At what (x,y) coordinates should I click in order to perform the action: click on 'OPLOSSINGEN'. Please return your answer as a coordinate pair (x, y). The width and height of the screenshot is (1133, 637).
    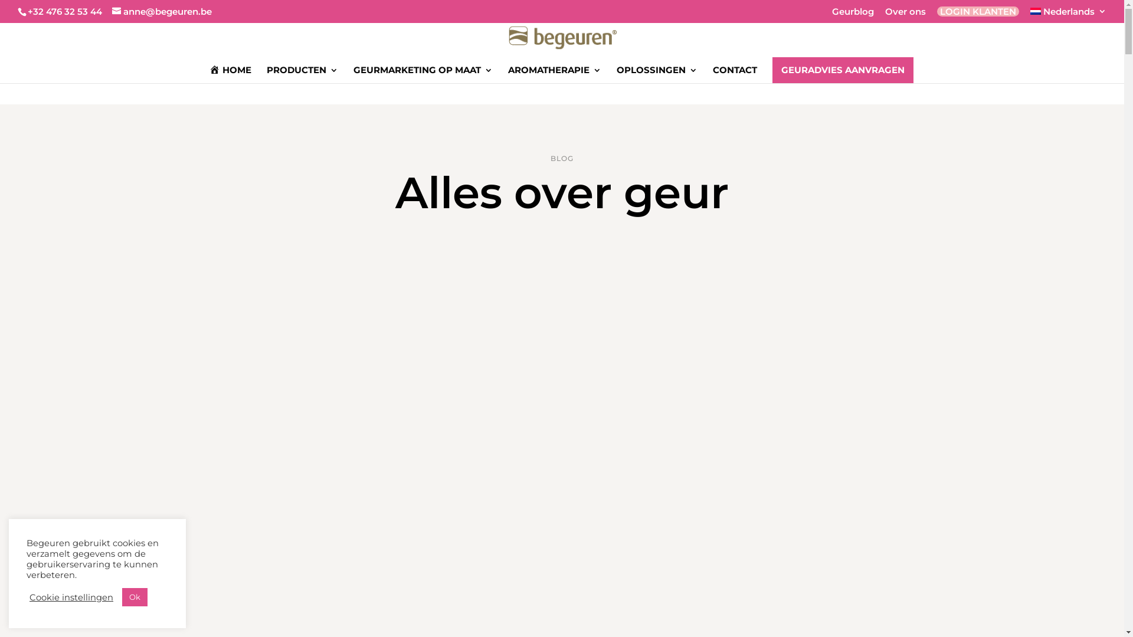
    Looking at the image, I should click on (656, 73).